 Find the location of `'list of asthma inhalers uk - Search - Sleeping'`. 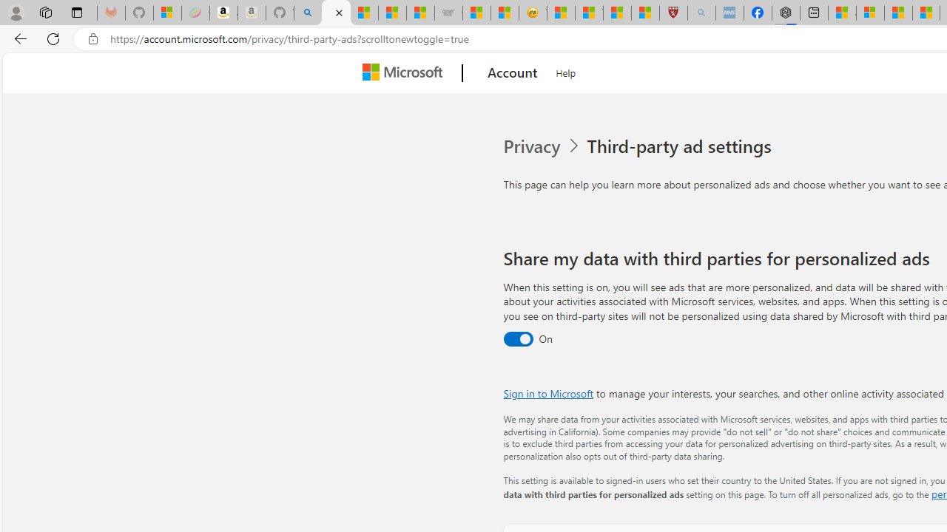

'list of asthma inhalers uk - Search - Sleeping' is located at coordinates (701, 13).